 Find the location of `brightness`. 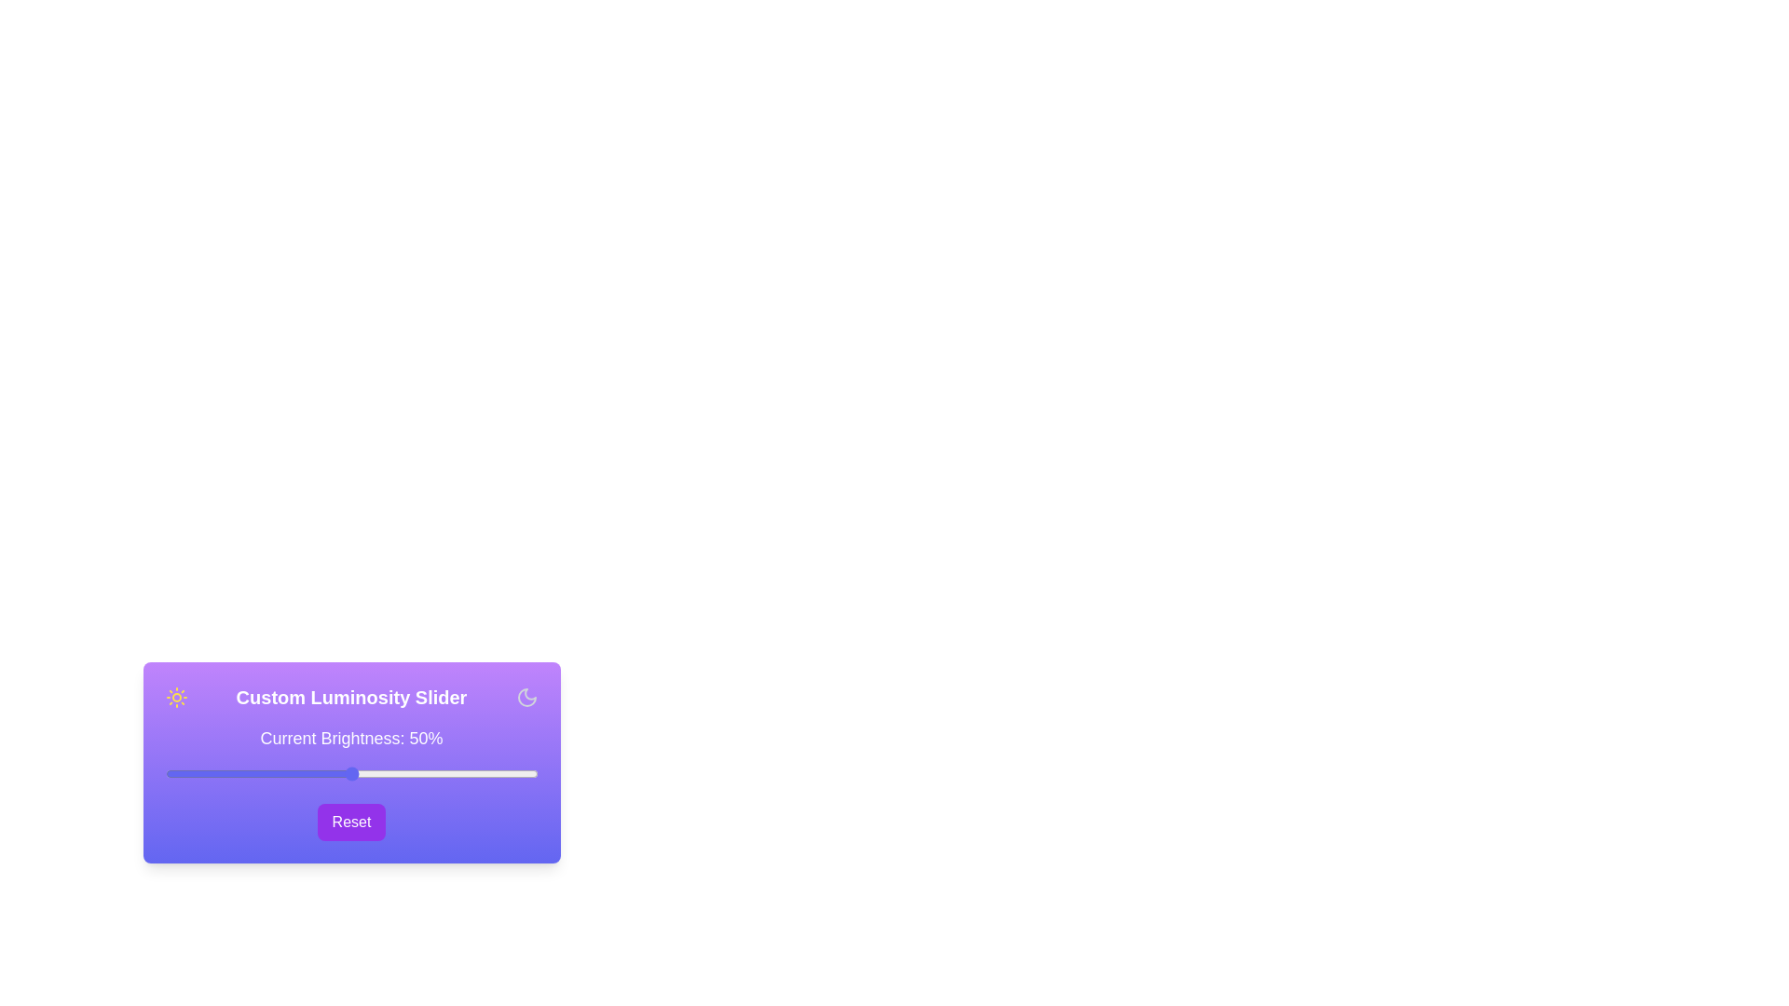

brightness is located at coordinates (467, 773).